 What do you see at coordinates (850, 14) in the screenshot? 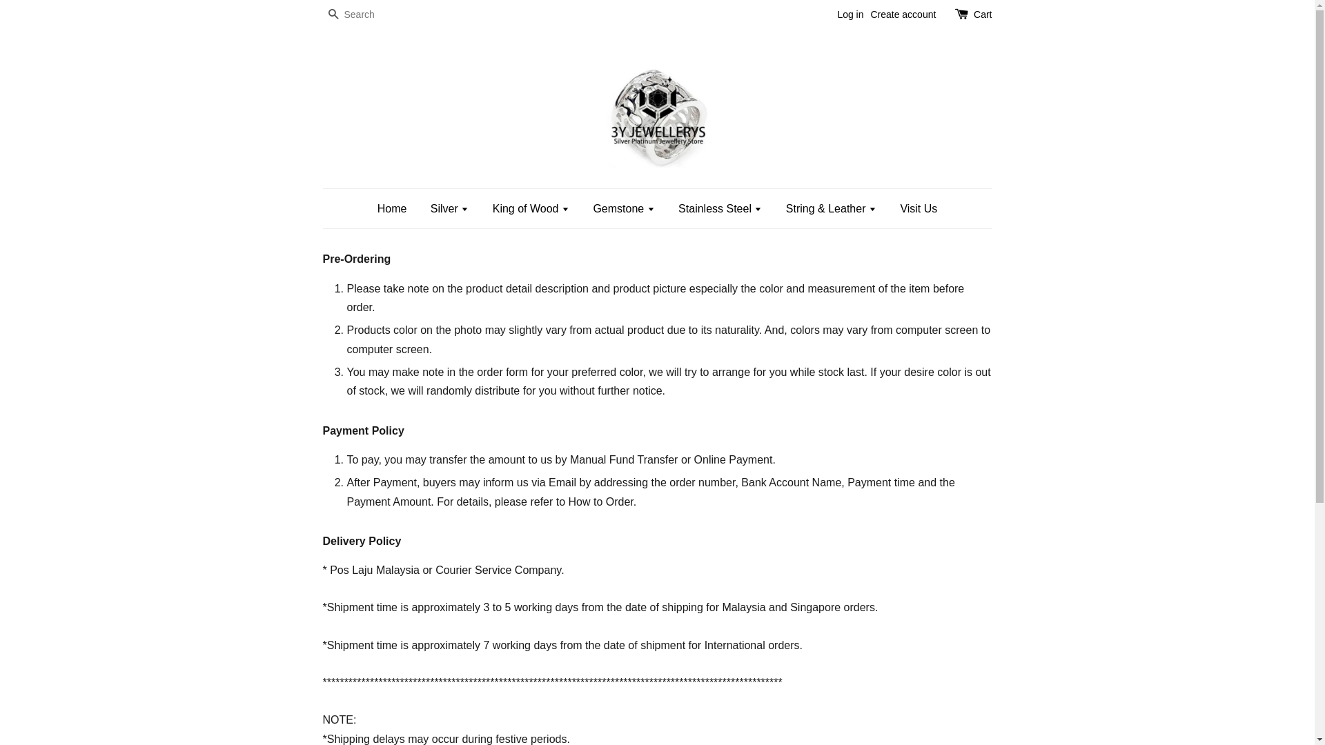
I see `'Log in'` at bounding box center [850, 14].